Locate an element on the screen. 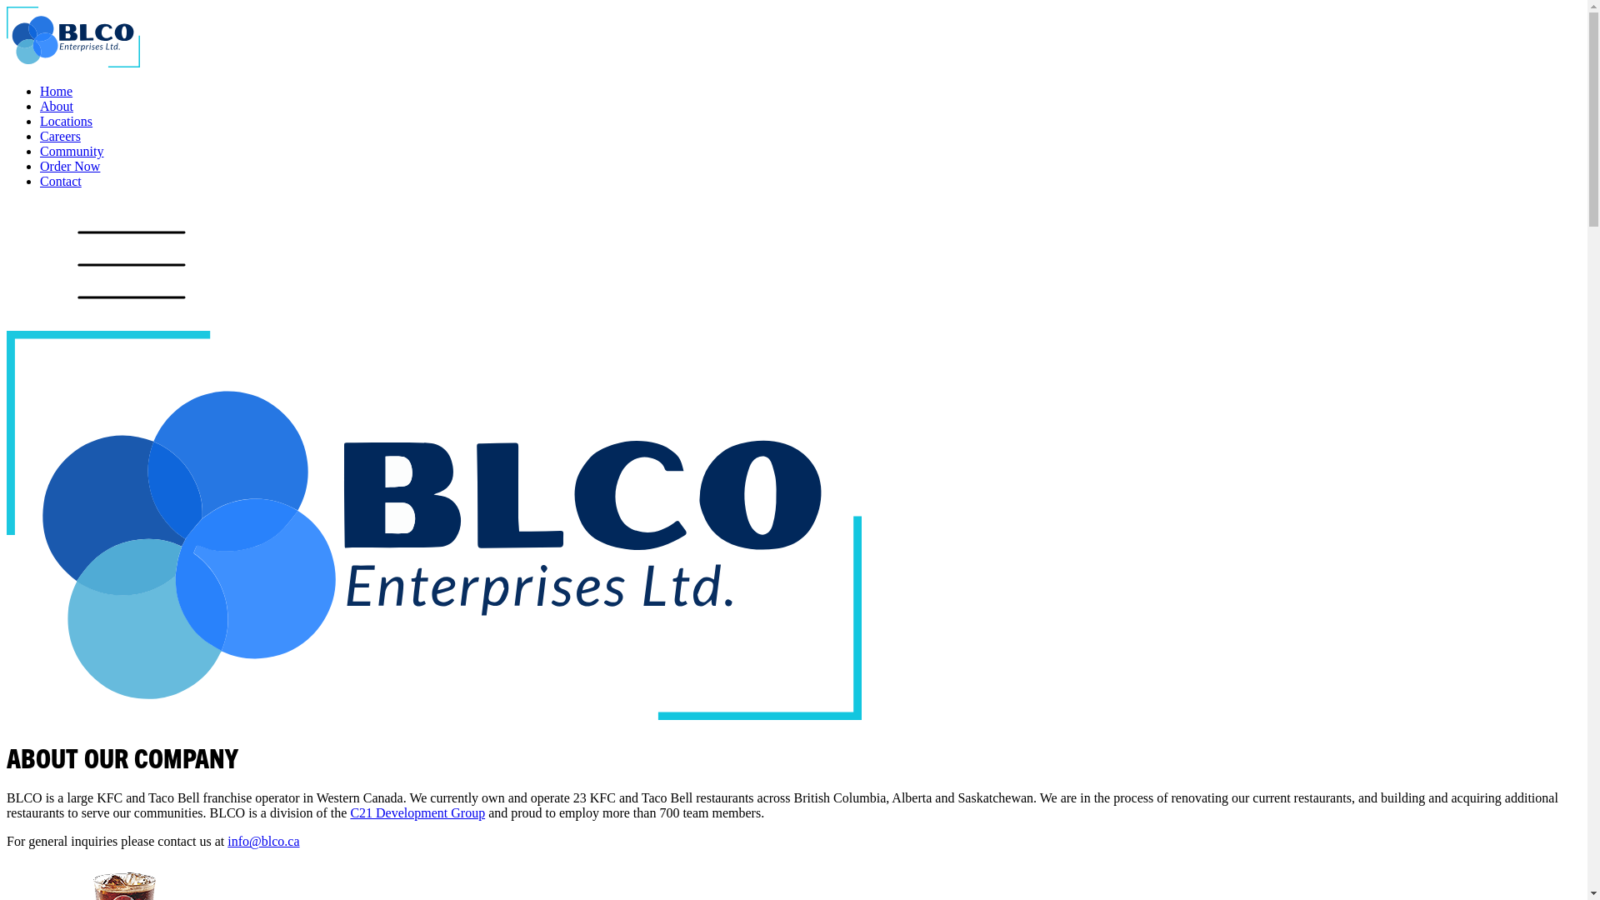 This screenshot has height=900, width=1600. 'Locations' is located at coordinates (40, 120).